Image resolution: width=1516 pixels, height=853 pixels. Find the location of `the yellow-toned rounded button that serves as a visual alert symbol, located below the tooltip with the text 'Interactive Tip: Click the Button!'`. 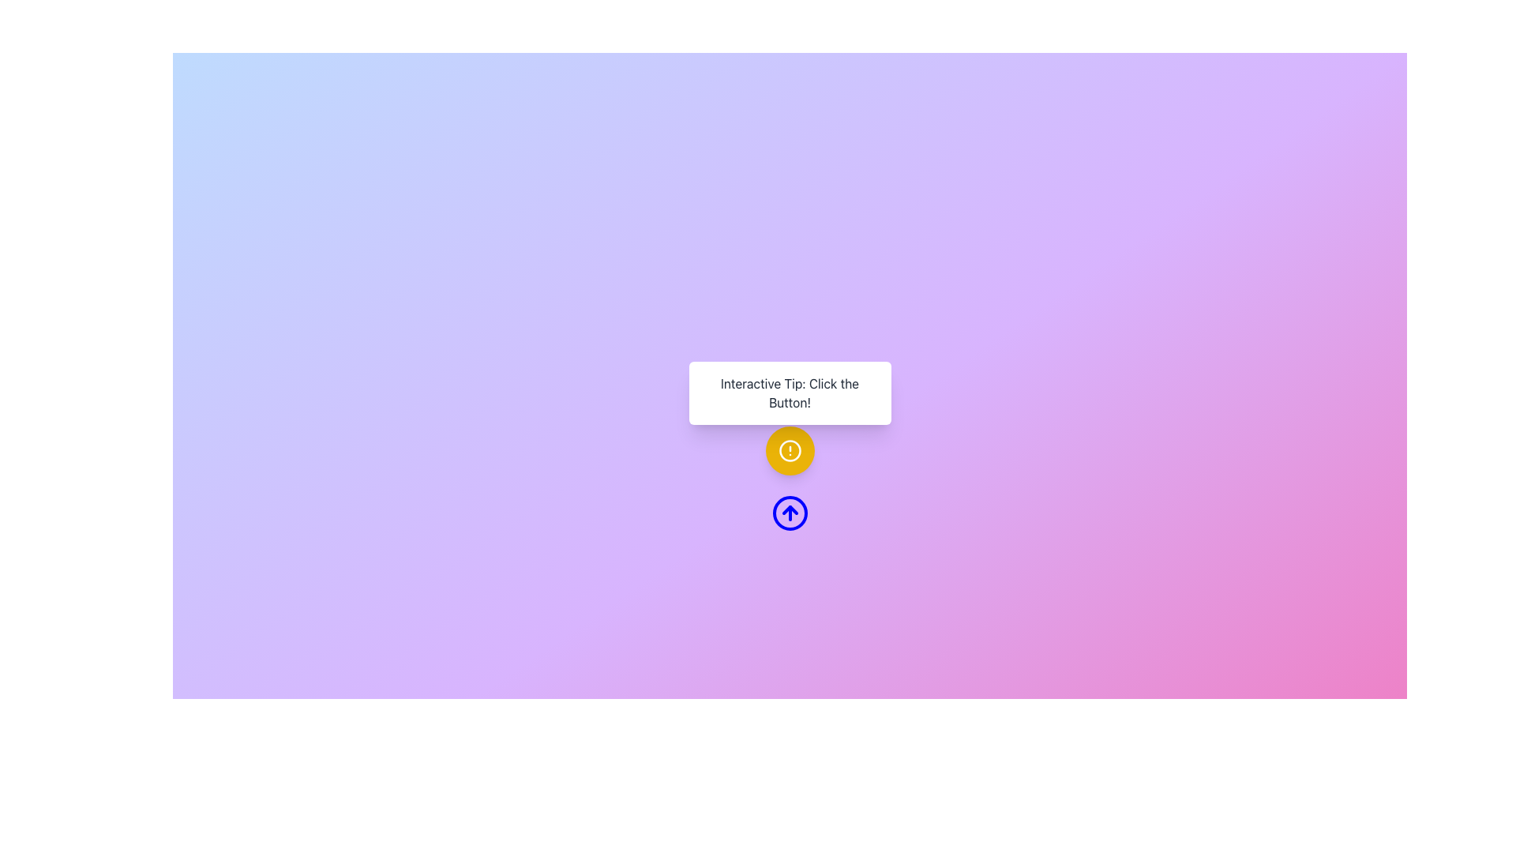

the yellow-toned rounded button that serves as a visual alert symbol, located below the tooltip with the text 'Interactive Tip: Click the Button!' is located at coordinates (790, 450).